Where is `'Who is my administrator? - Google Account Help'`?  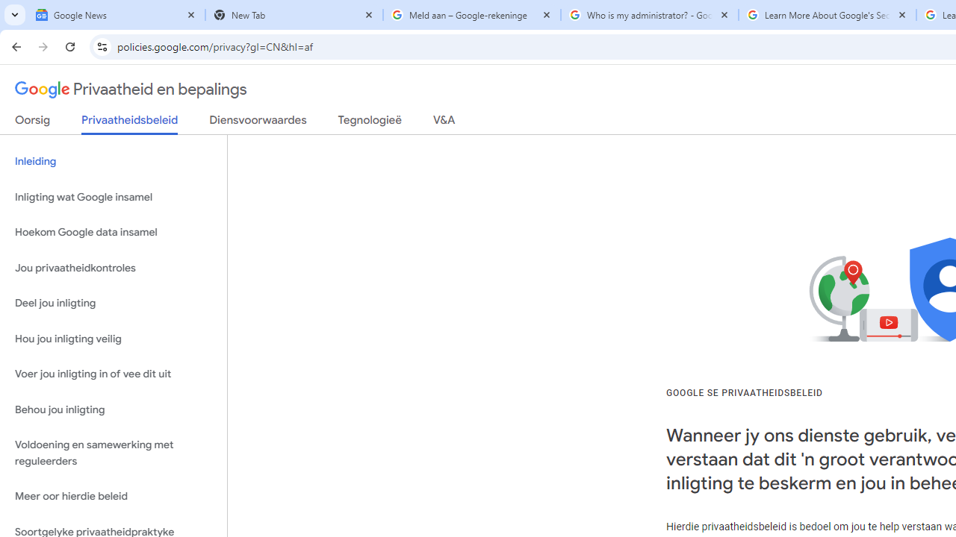
'Who is my administrator? - Google Account Help' is located at coordinates (650, 15).